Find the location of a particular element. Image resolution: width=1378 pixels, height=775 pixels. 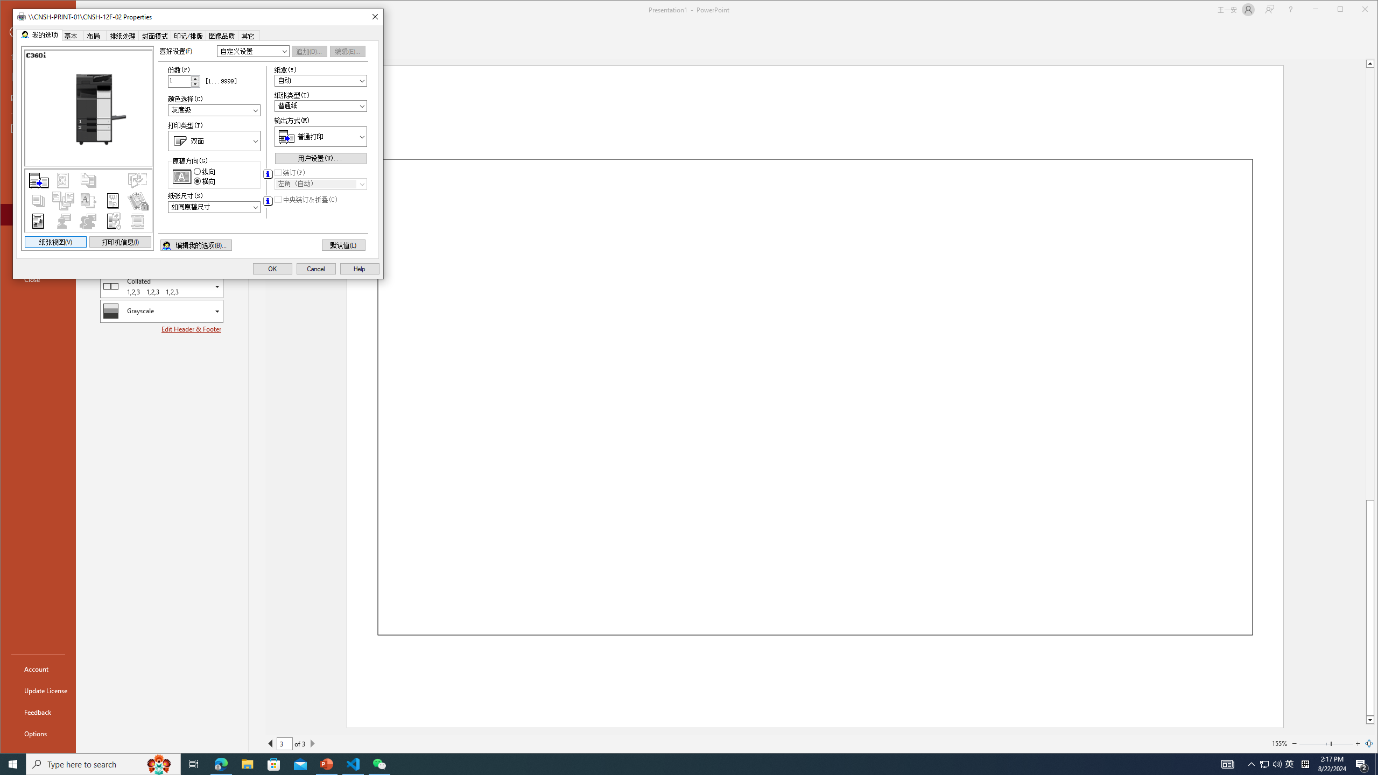

'Account' is located at coordinates (37, 668).